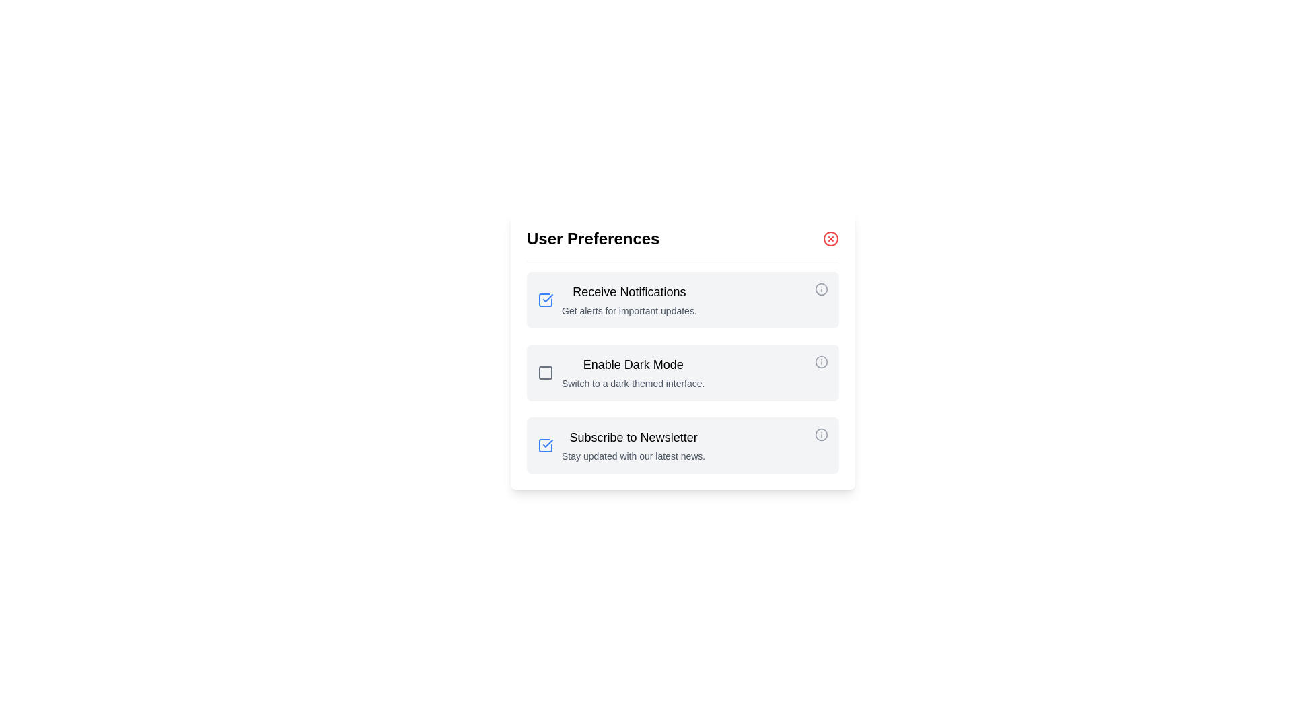 The width and height of the screenshot is (1292, 727). Describe the element at coordinates (546, 300) in the screenshot. I see `the blue checkbox indicating 'Receive Notifications' in the user preferences section` at that location.